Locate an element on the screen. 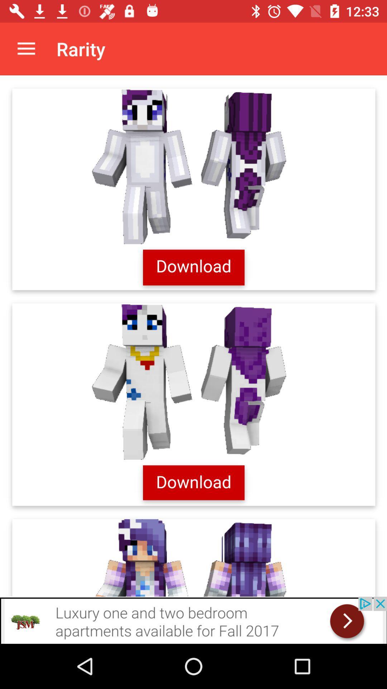 The image size is (387, 689). see advertisement is located at coordinates (193, 620).